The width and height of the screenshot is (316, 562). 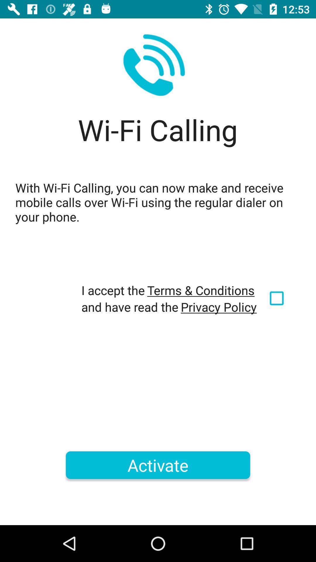 What do you see at coordinates (277, 298) in the screenshot?
I see `app next to privacy policy icon` at bounding box center [277, 298].